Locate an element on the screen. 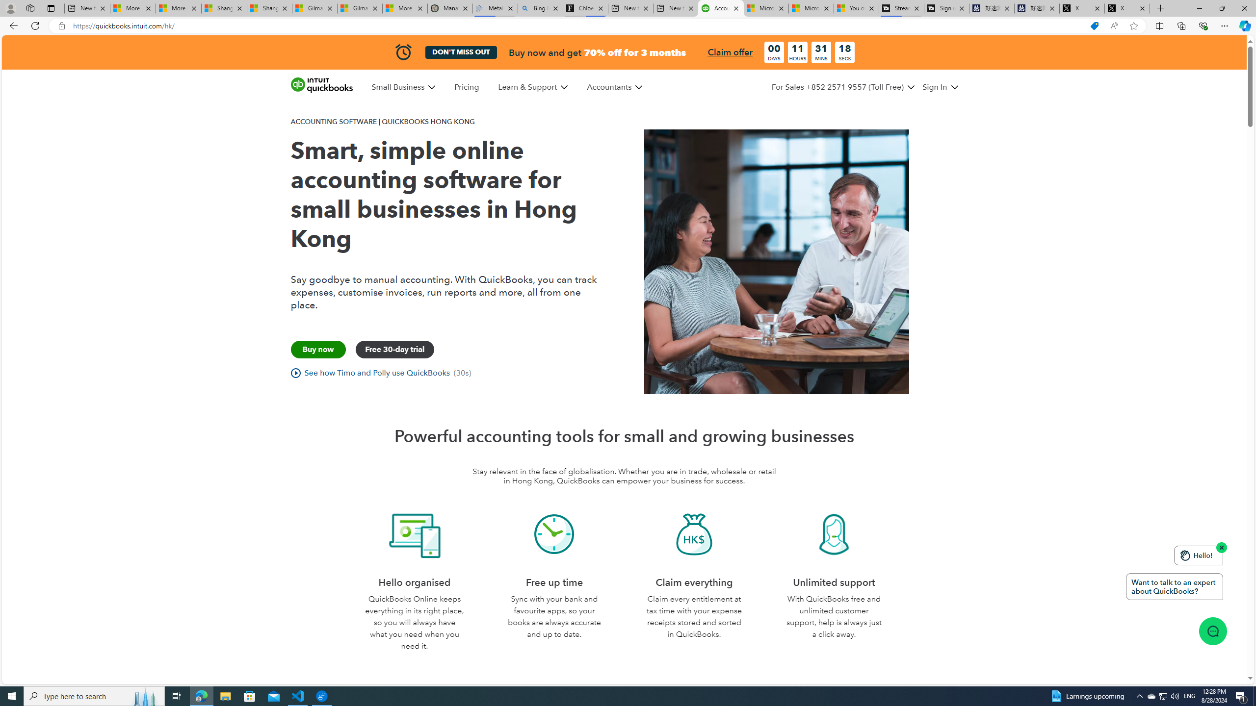  'Shopping in Microsoft Edge' is located at coordinates (1094, 26).